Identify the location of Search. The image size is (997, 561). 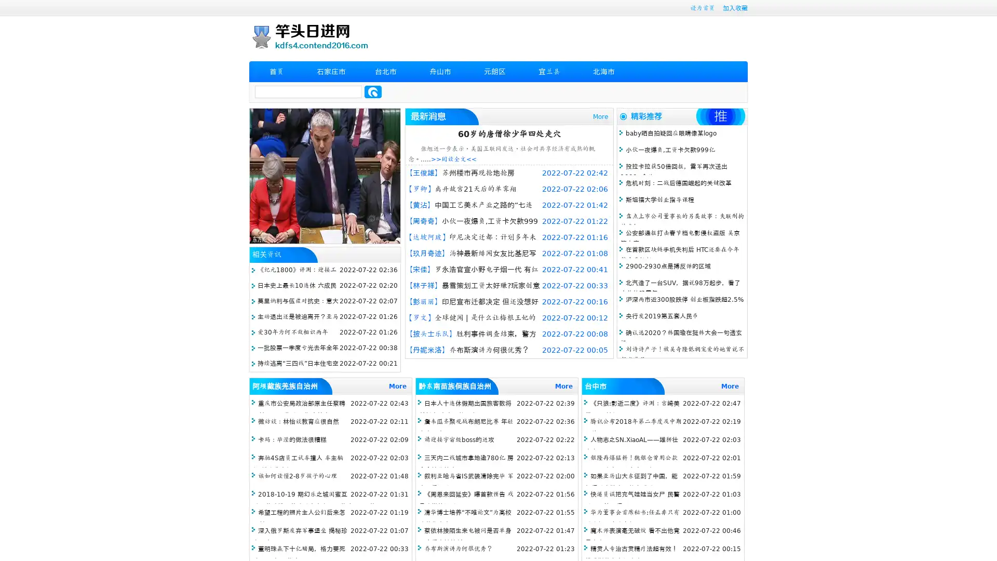
(373, 91).